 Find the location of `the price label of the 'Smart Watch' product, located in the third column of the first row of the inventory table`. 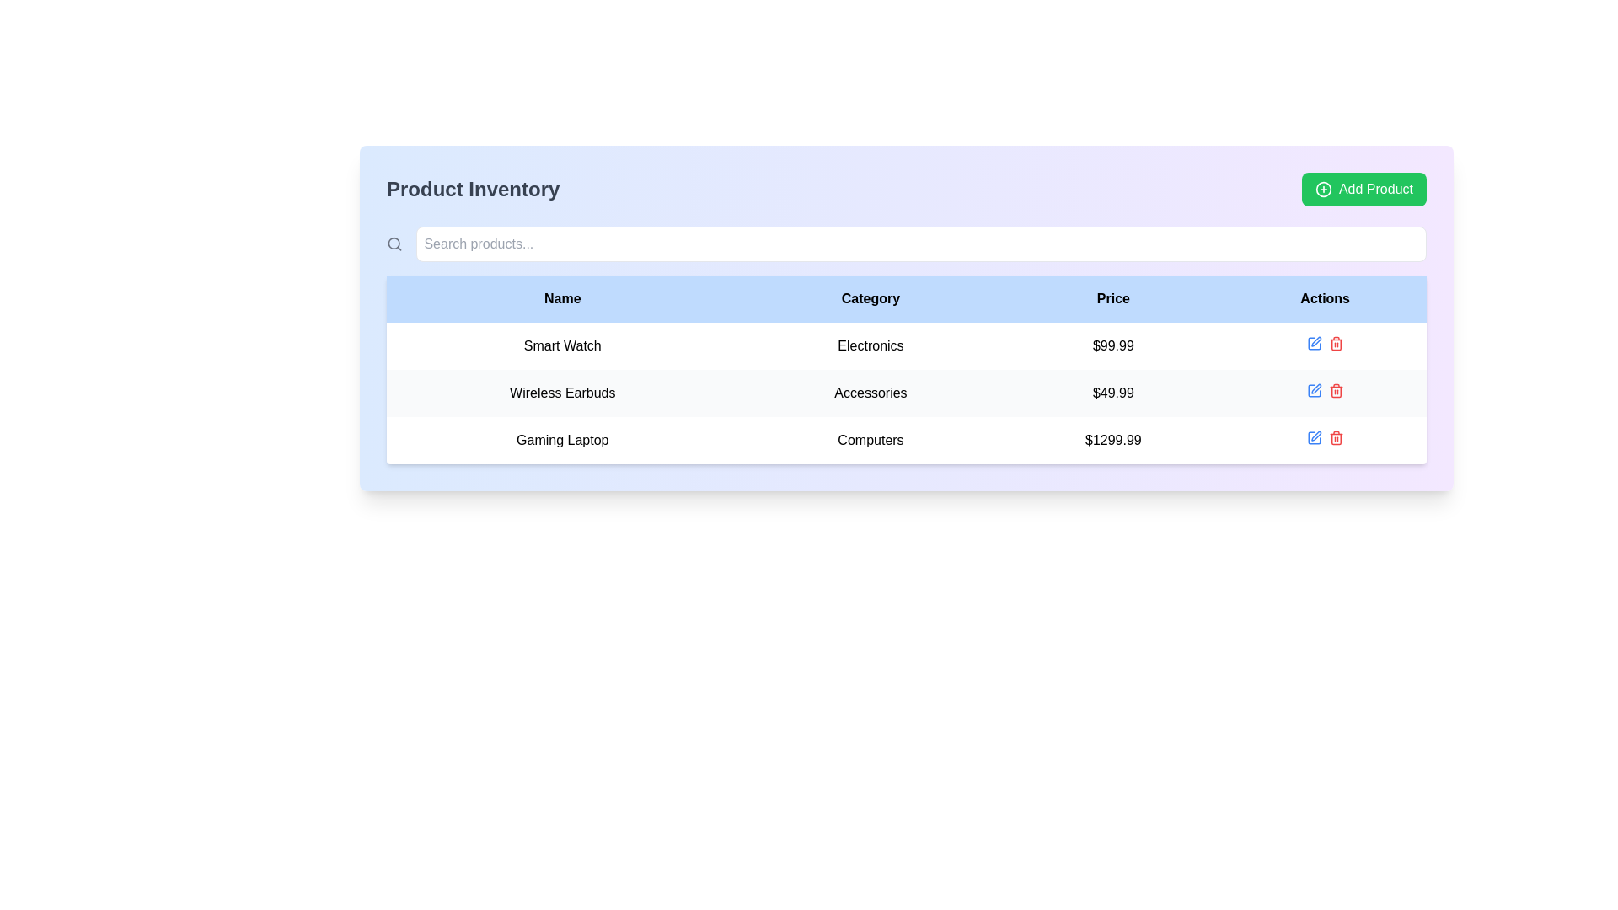

the price label of the 'Smart Watch' product, located in the third column of the first row of the inventory table is located at coordinates (1113, 345).